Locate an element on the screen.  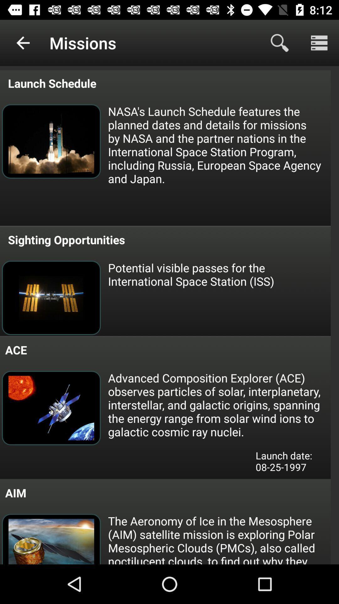
the item above the  launch schedule is located at coordinates (23, 42).